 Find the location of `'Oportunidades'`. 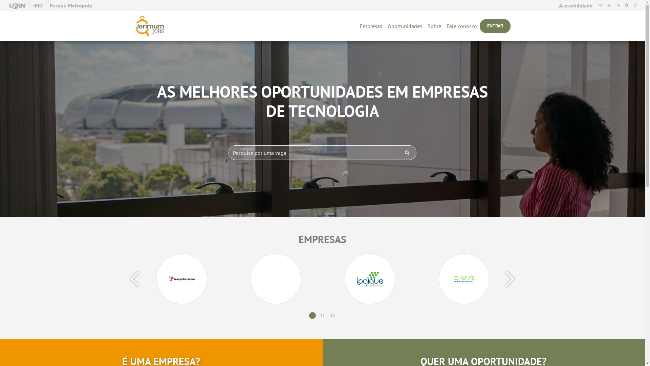

'Oportunidades' is located at coordinates (405, 26).